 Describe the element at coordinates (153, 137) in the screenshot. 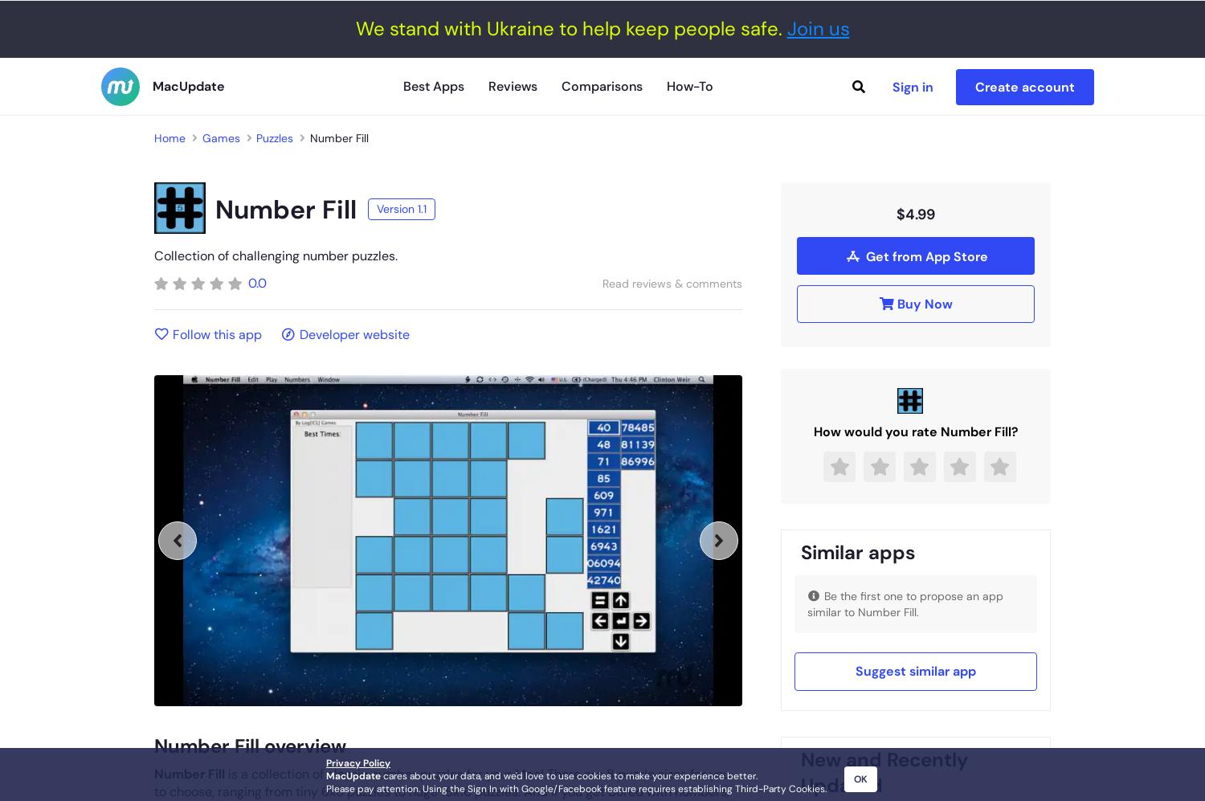

I see `'Home'` at that location.